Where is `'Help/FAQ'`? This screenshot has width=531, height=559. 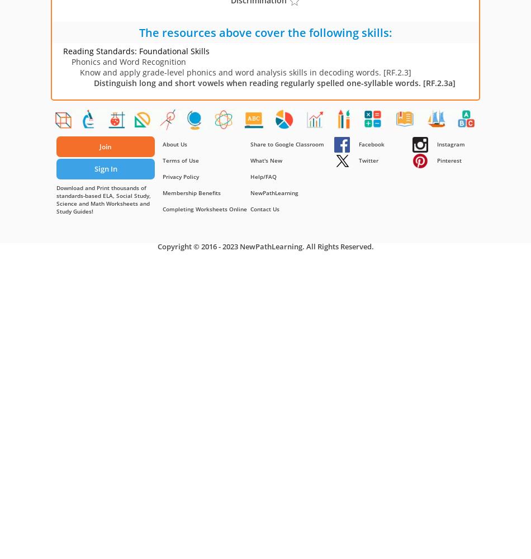
'Help/FAQ' is located at coordinates (250, 176).